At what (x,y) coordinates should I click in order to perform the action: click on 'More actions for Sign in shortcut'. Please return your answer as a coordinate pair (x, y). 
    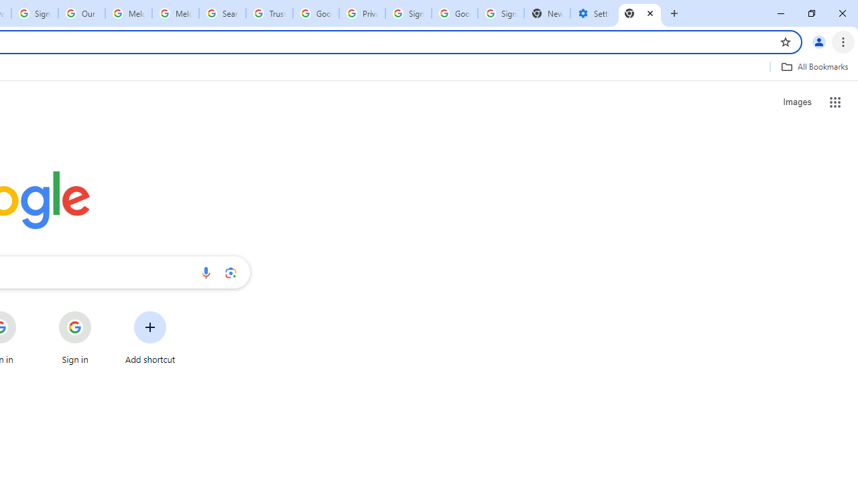
    Looking at the image, I should click on (101, 312).